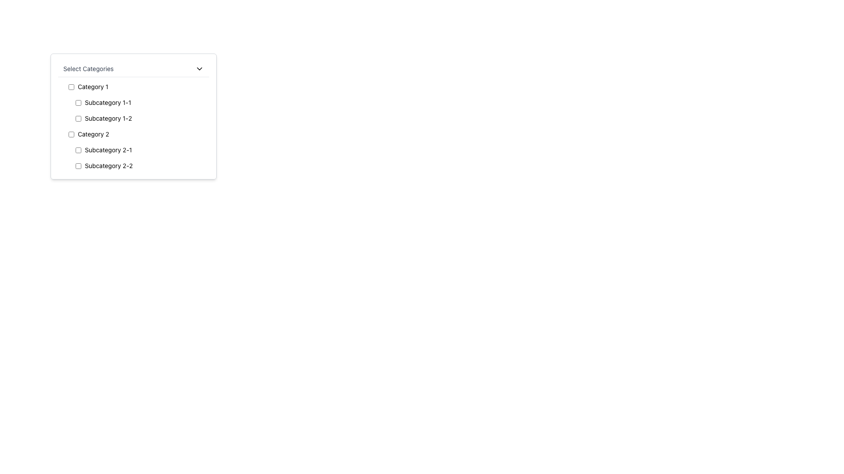 The height and width of the screenshot is (474, 844). I want to click on the checkbox labeled 'Subcategory 1-2' for keyboard interaction by clicking on its center point, so click(141, 118).